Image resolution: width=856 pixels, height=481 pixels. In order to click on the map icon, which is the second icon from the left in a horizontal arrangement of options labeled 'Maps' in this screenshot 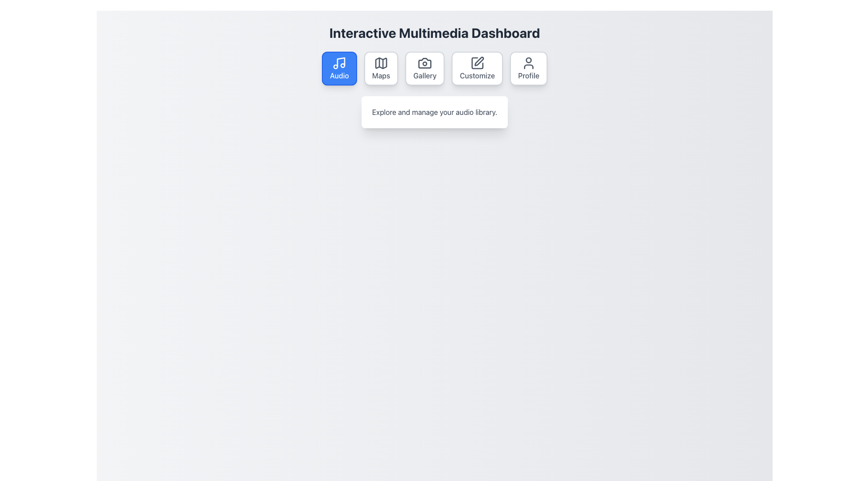, I will do `click(381, 63)`.